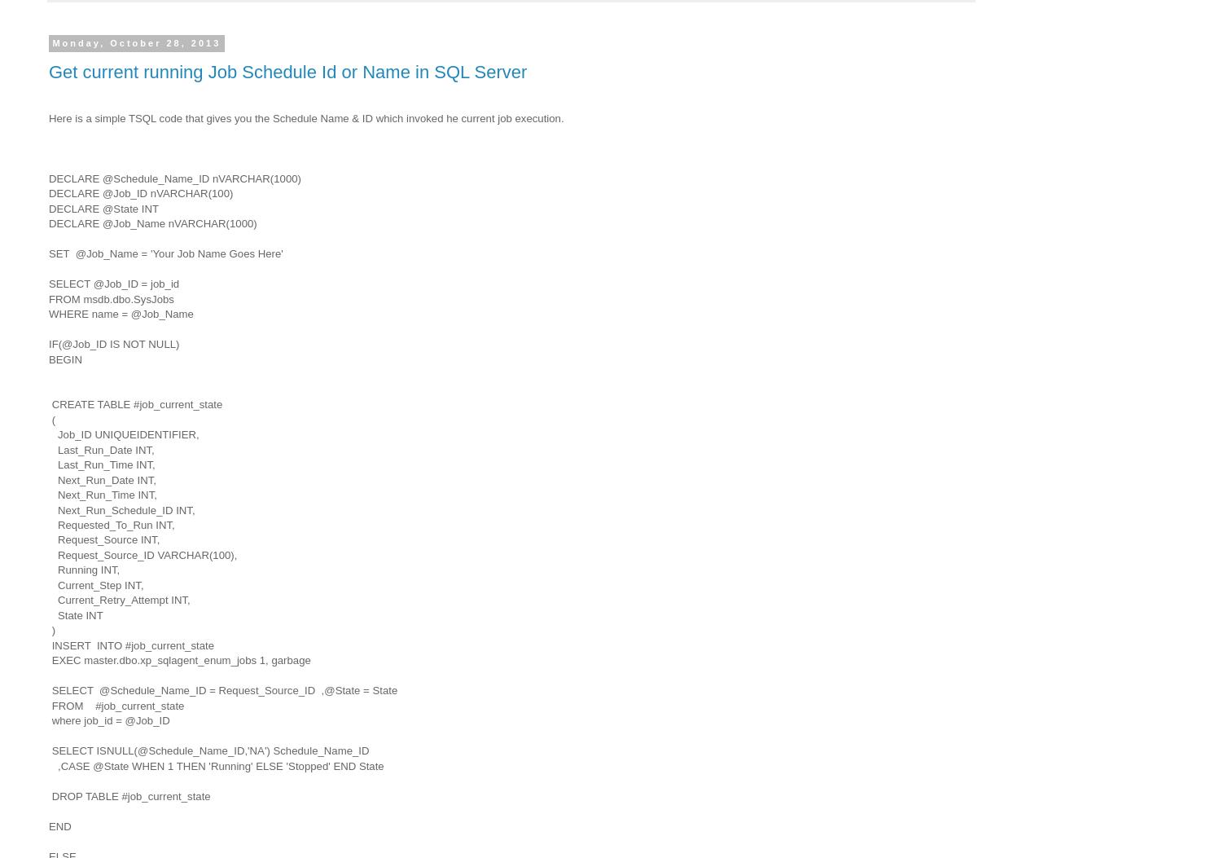 Image resolution: width=1228 pixels, height=858 pixels. What do you see at coordinates (93, 283) in the screenshot?
I see `'@Job_ID = job_id'` at bounding box center [93, 283].